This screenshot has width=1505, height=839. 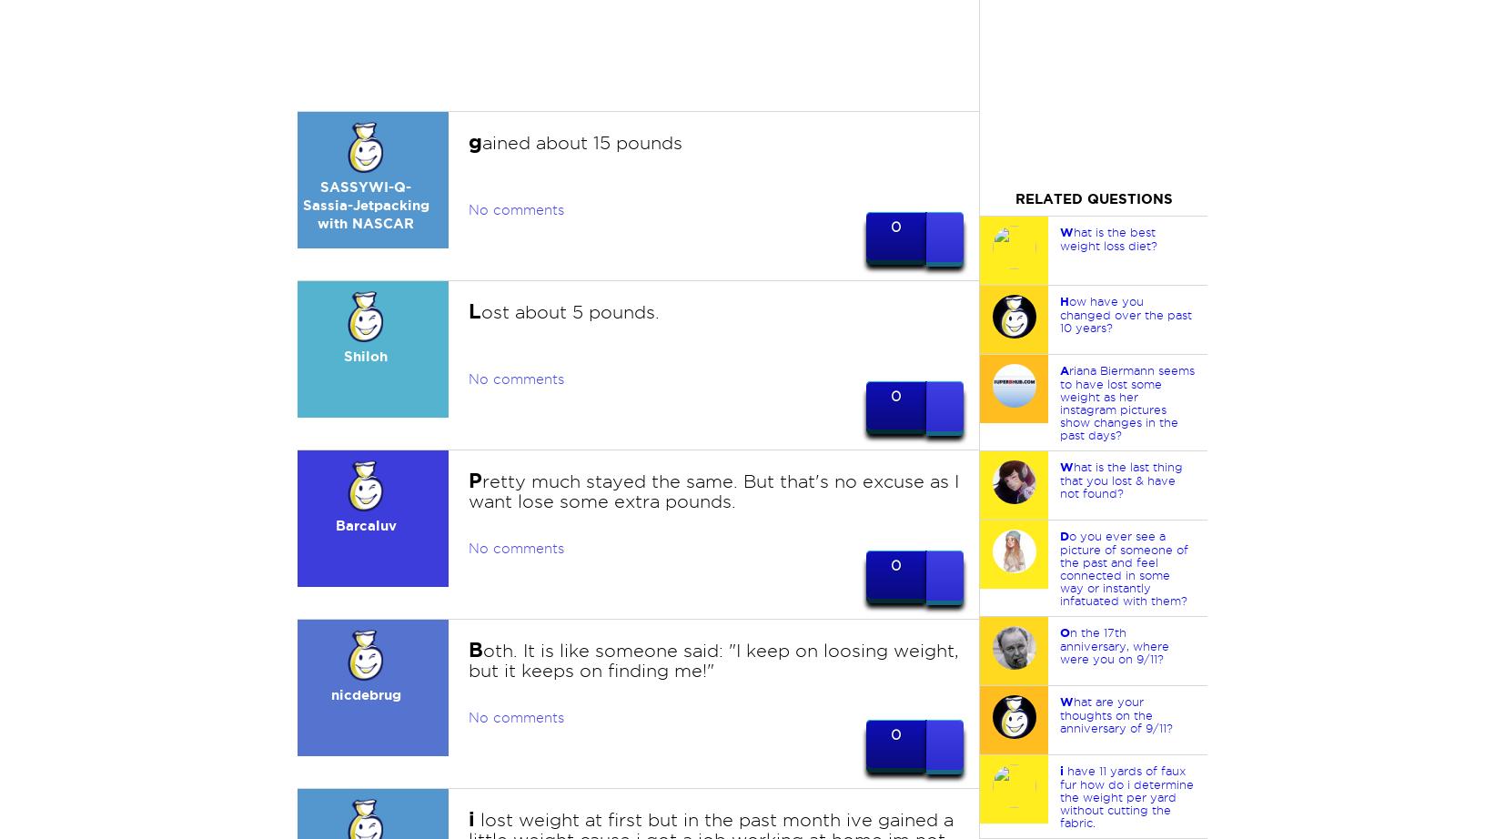 I want to click on 'oth. It is like someone said: "I keep on loosing weight, but it keeps on finding me!"', so click(x=712, y=659).